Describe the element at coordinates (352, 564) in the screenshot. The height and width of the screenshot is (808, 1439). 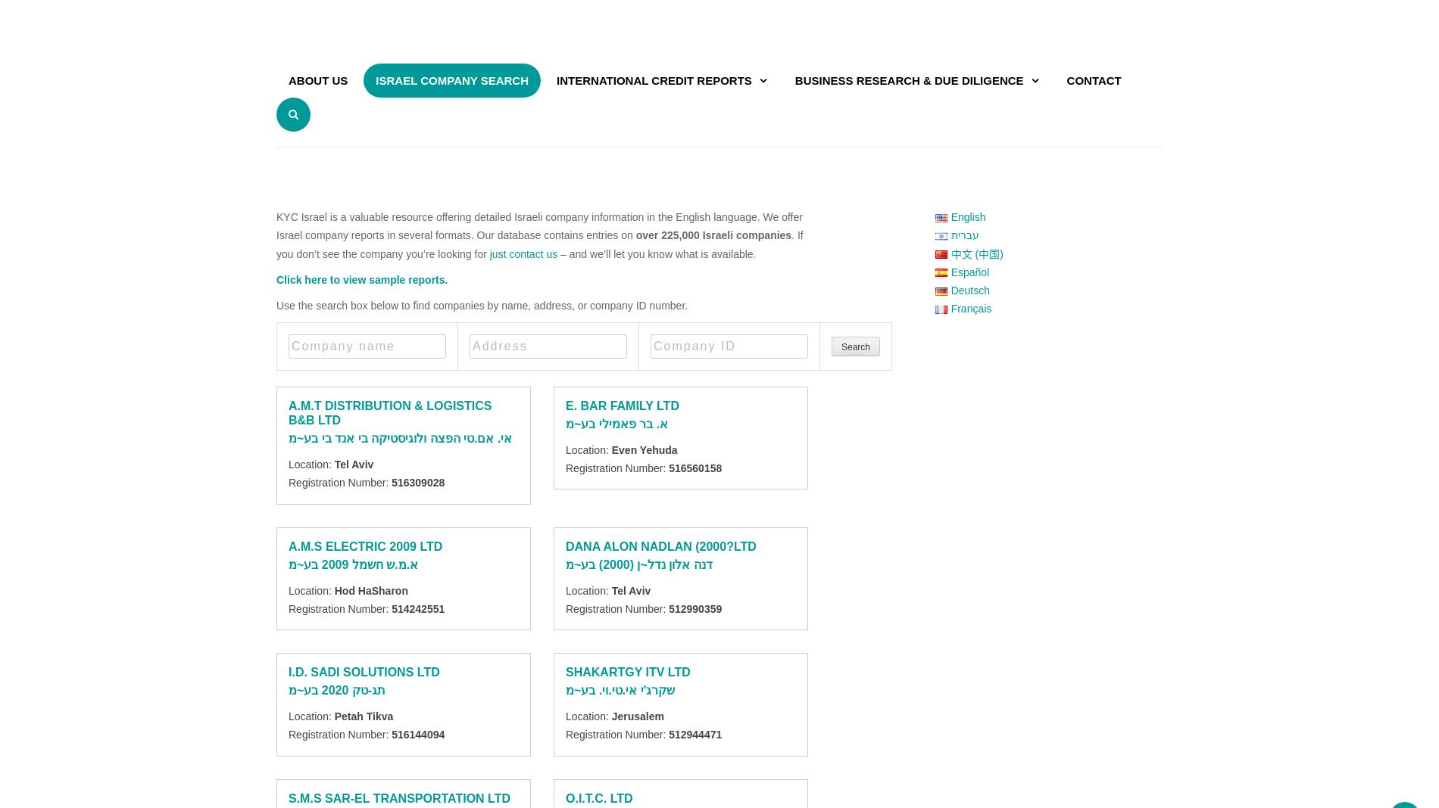
I see `'א.מ.ש חשמל 2009 בע~מ'` at that location.